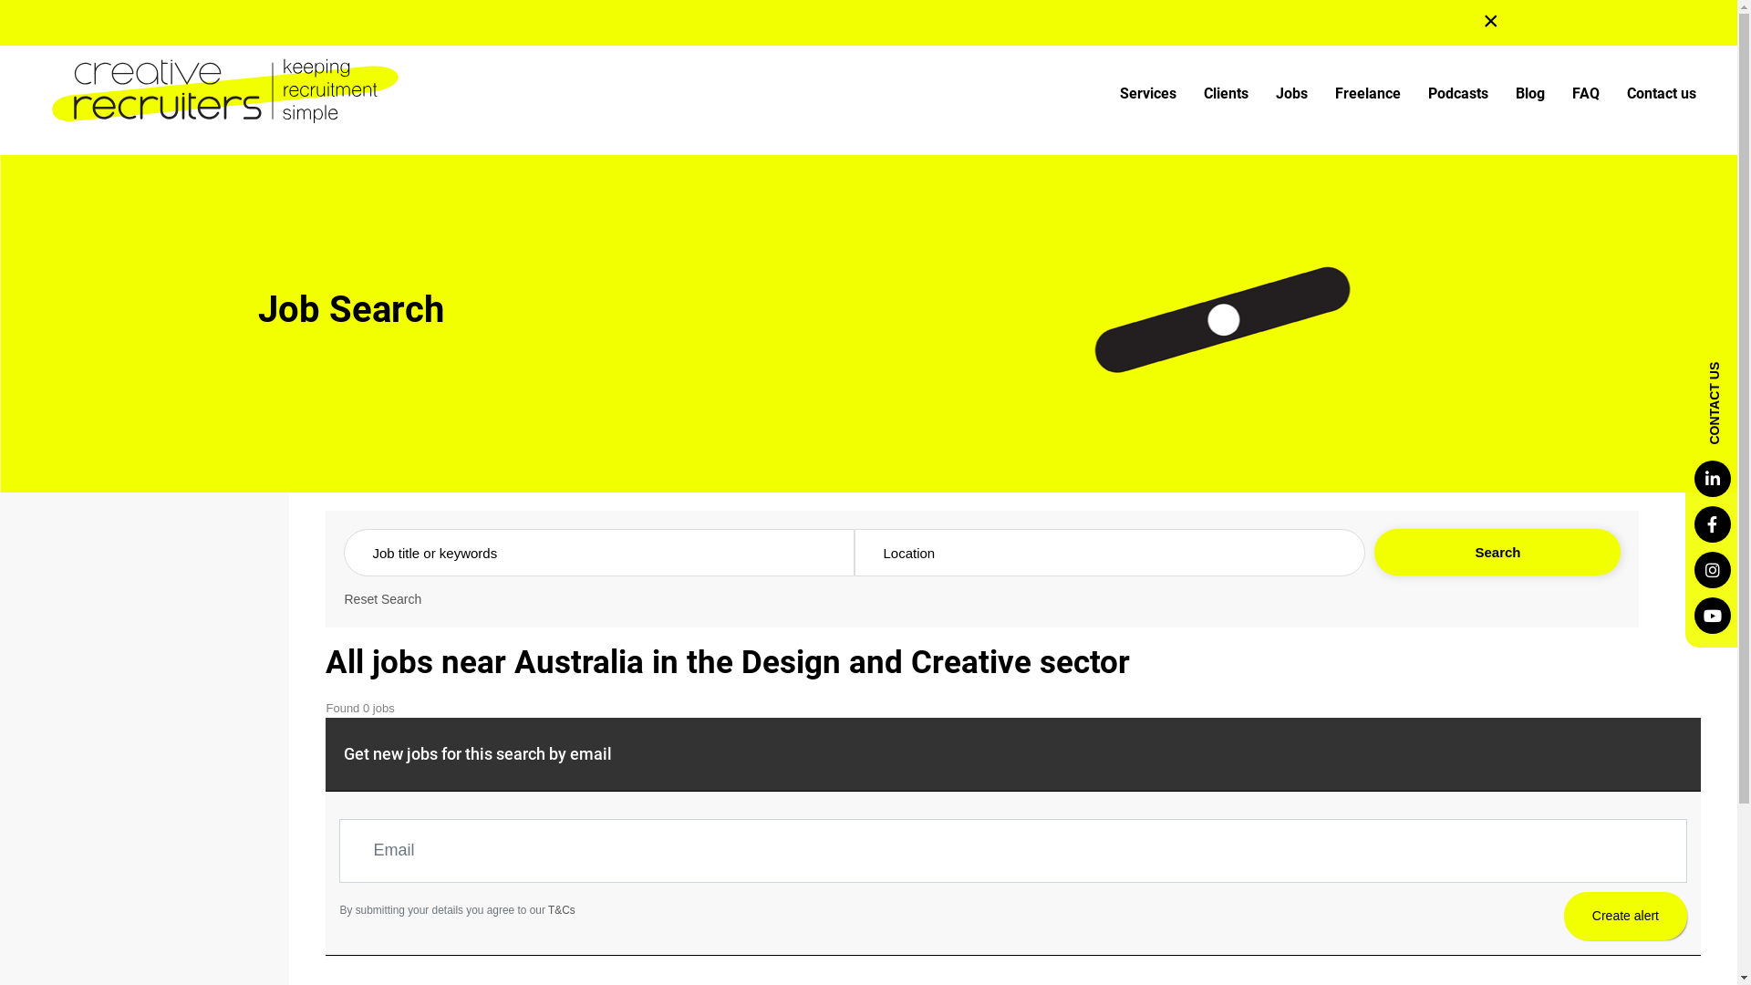 This screenshot has width=1751, height=985. Describe the element at coordinates (1226, 94) in the screenshot. I see `'Clients'` at that location.